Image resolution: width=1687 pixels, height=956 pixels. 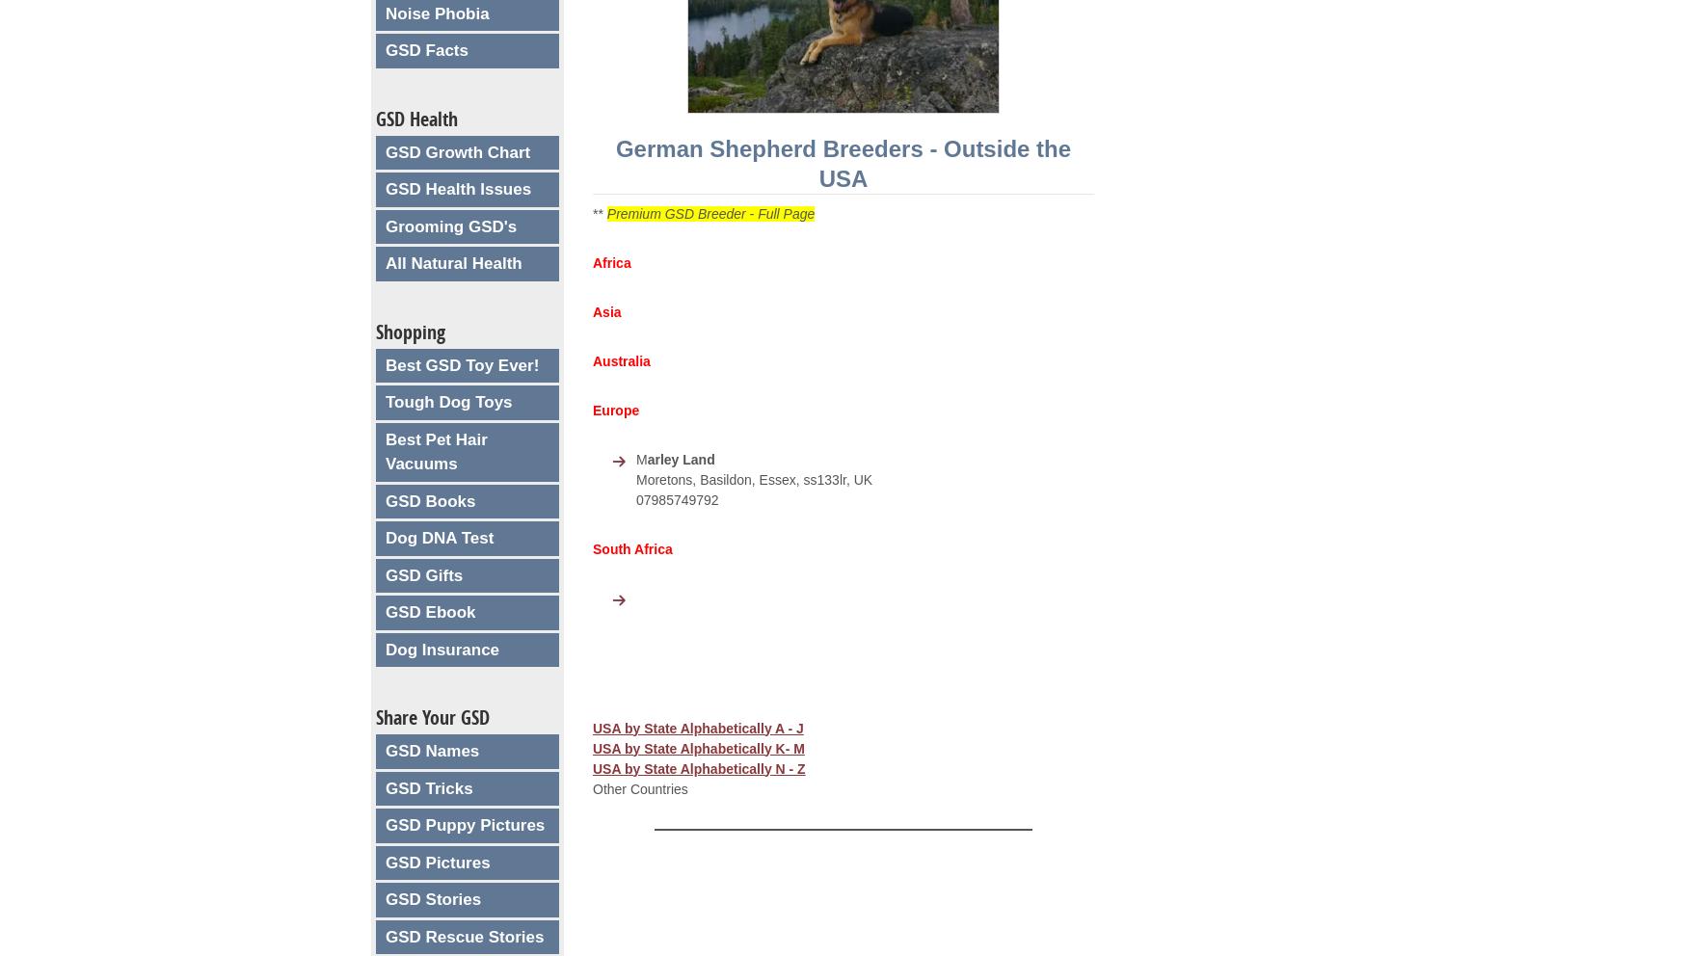 I want to click on 'USA by State Alphabetically K- M', so click(x=698, y=747).